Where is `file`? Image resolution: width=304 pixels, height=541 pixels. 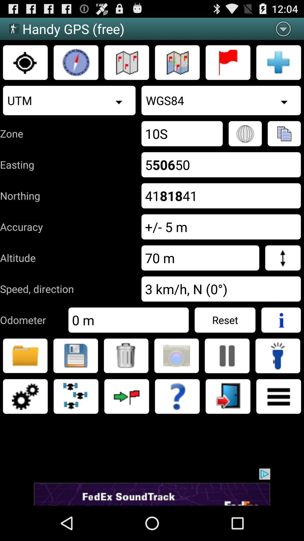
file is located at coordinates (75, 355).